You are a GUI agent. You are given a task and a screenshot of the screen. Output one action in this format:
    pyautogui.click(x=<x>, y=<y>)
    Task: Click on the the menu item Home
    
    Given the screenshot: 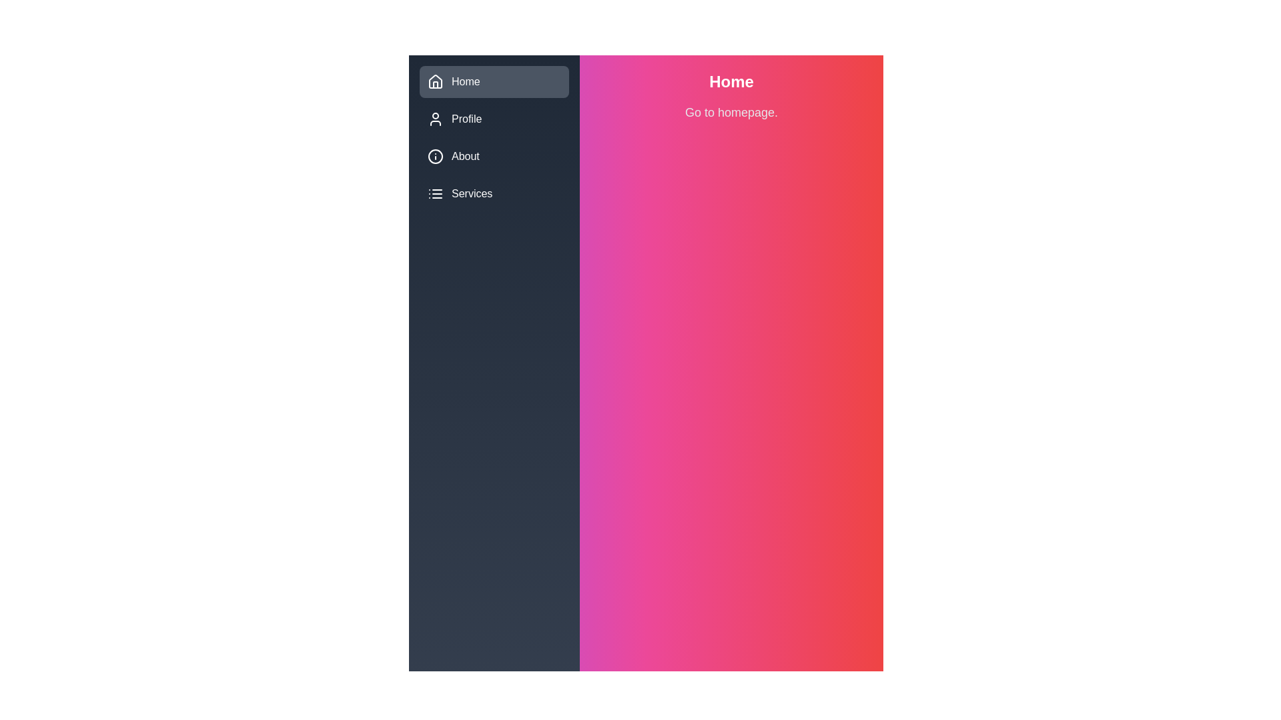 What is the action you would take?
    pyautogui.click(x=493, y=82)
    